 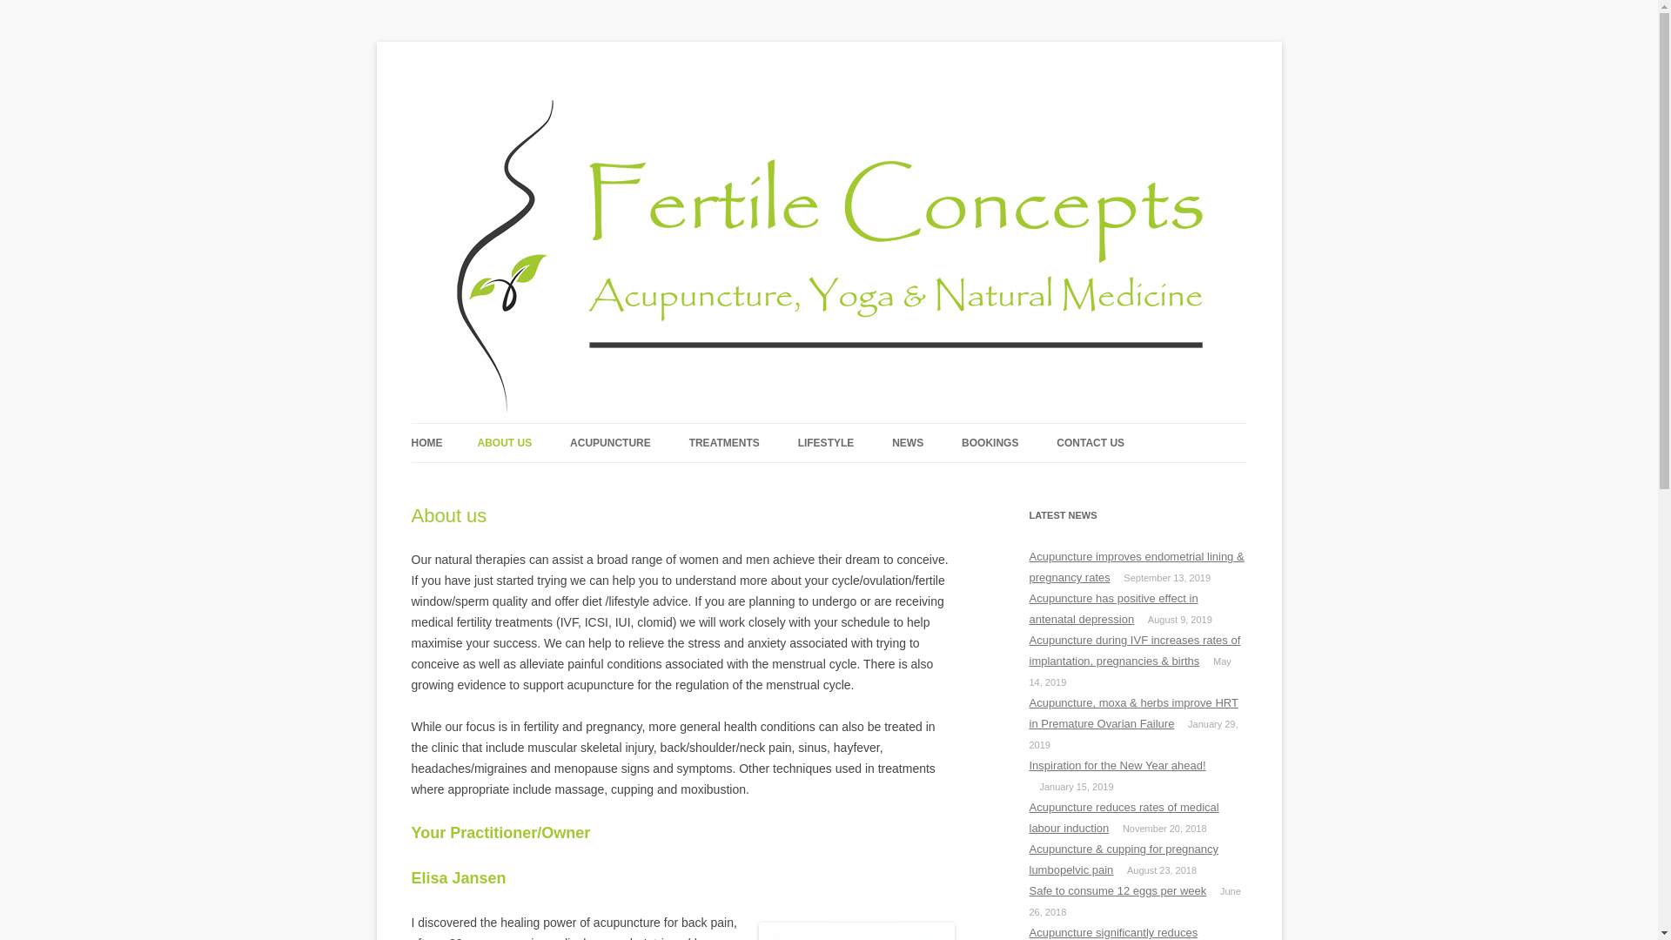 I want to click on 'CONTACT US', so click(x=1089, y=442).